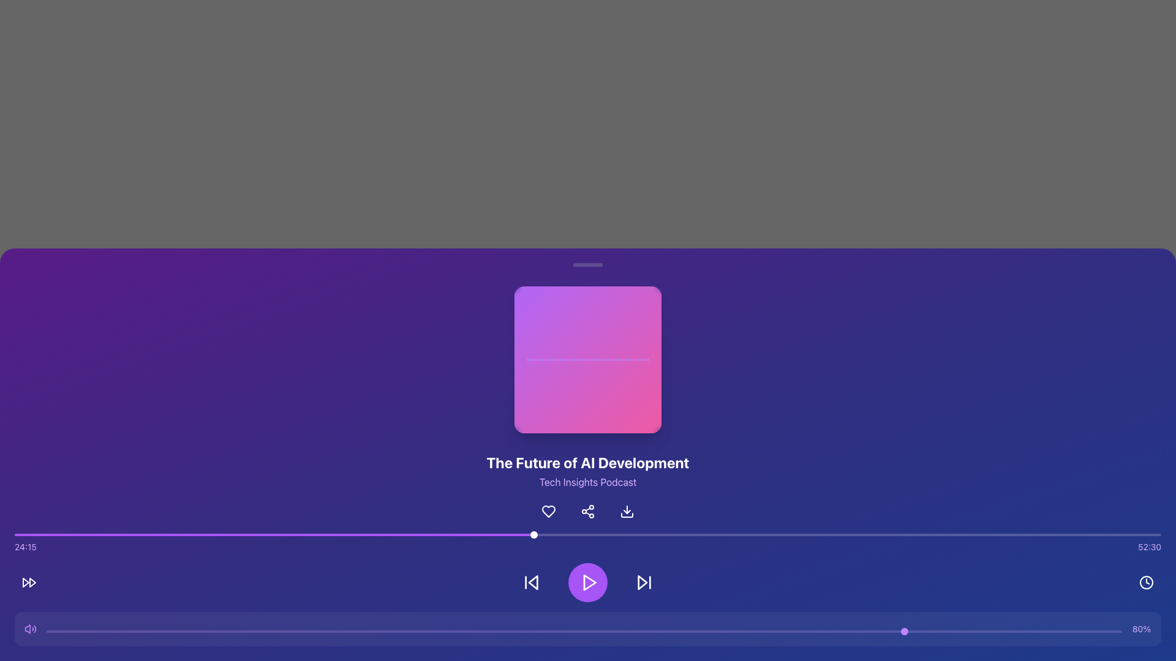  What do you see at coordinates (1115, 534) in the screenshot?
I see `progress` at bounding box center [1115, 534].